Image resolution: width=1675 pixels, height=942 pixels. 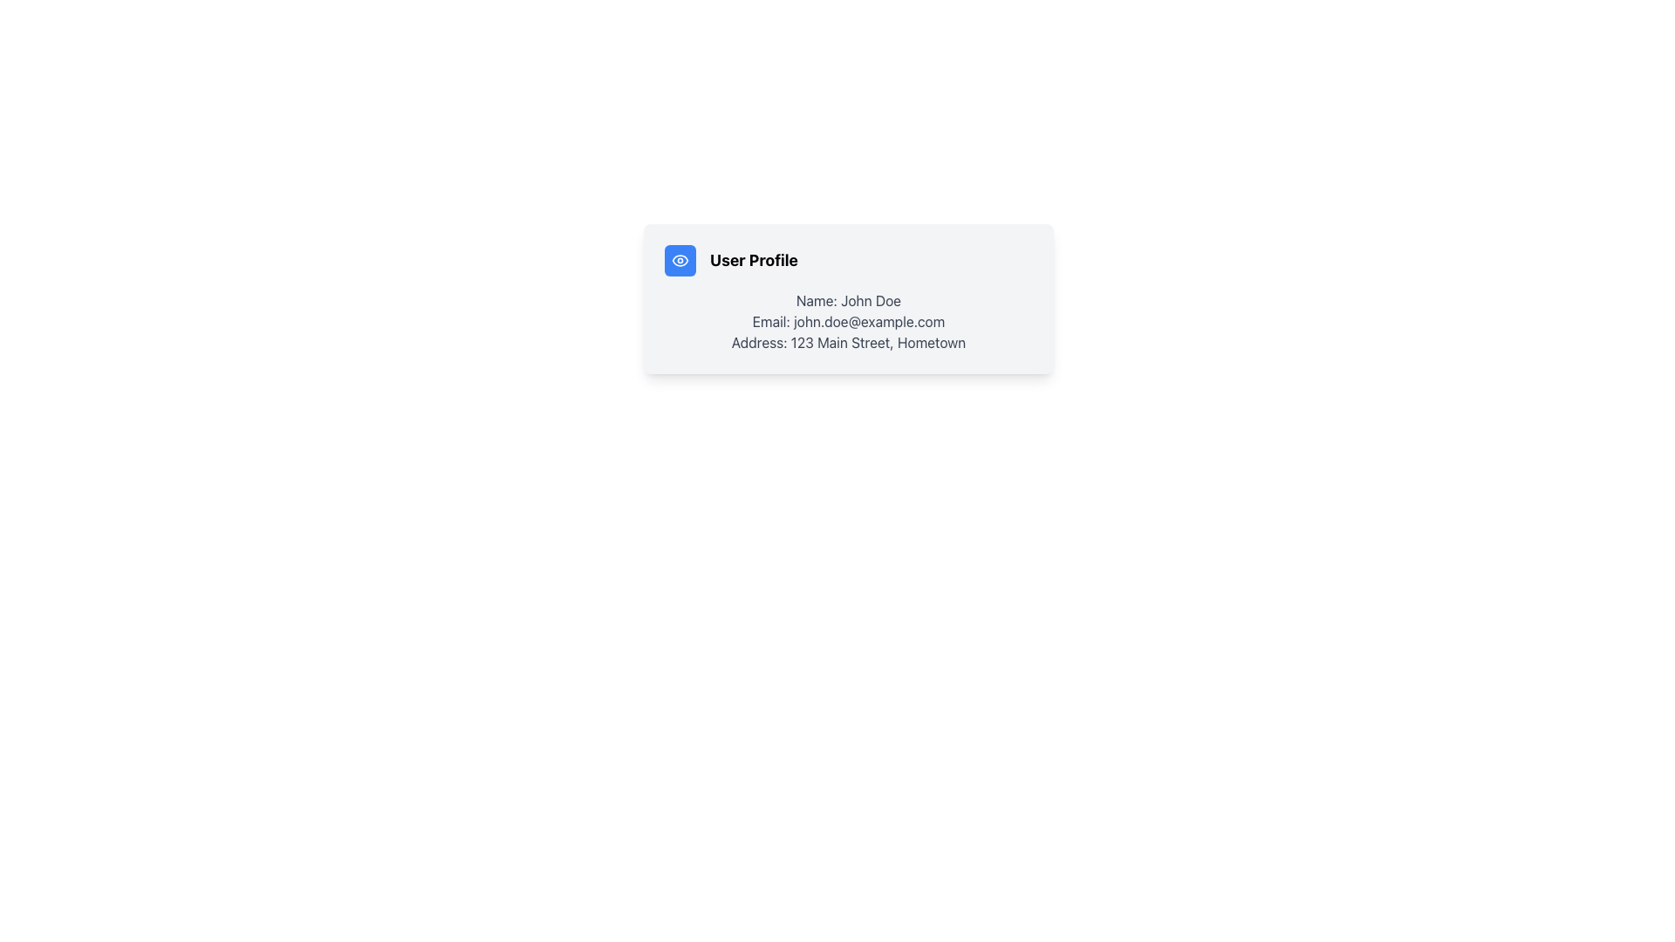 What do you see at coordinates (754, 261) in the screenshot?
I see `the Heading or Title Text that identifies the user's profile information, located at the top-left corner of the user information card, to the right of a blue eye icon` at bounding box center [754, 261].